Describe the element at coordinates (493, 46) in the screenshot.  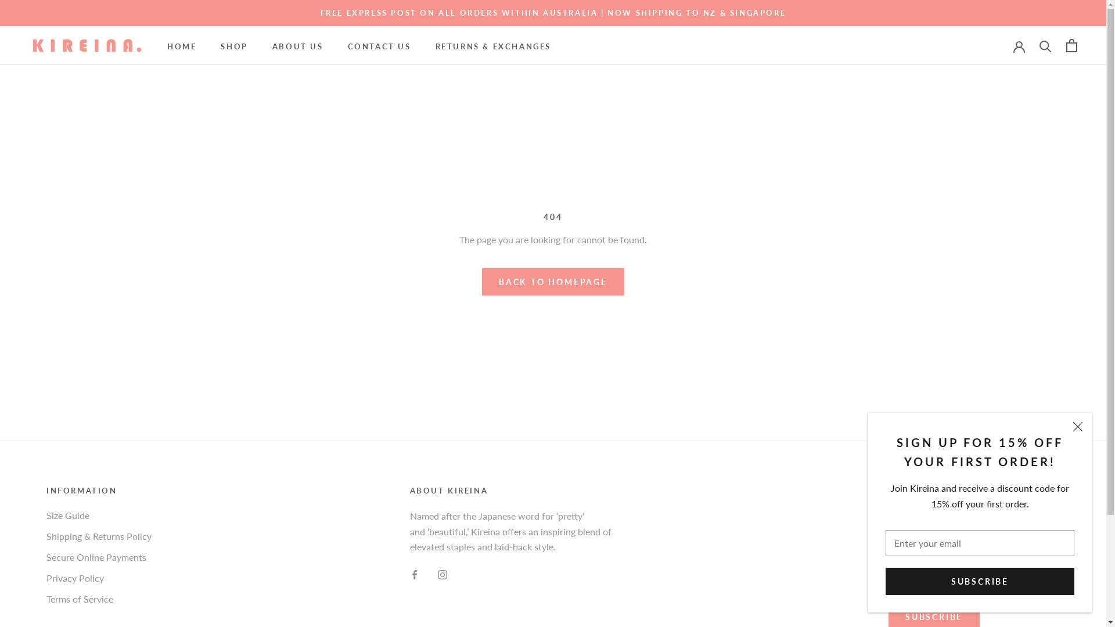
I see `'RETURNS & EXCHANGES` at that location.